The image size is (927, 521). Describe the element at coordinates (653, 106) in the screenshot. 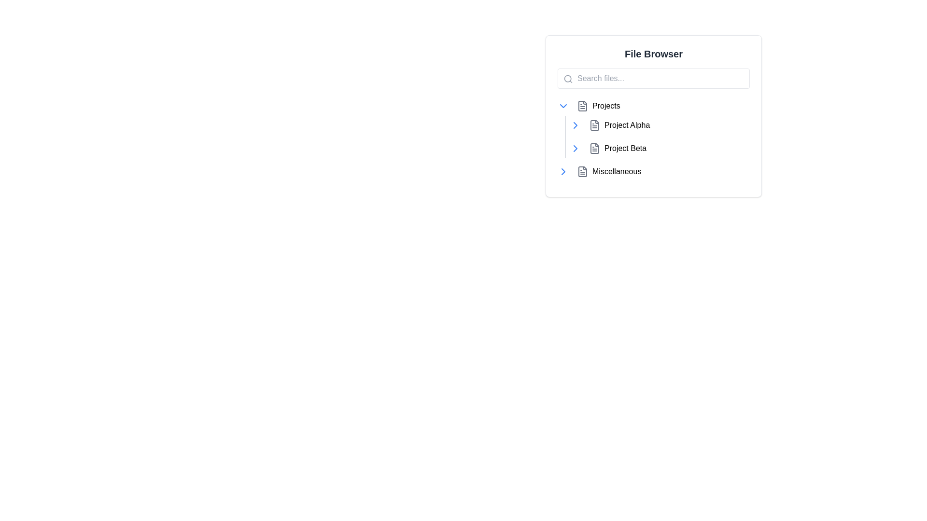

I see `the 'Projects' expandable list item` at that location.